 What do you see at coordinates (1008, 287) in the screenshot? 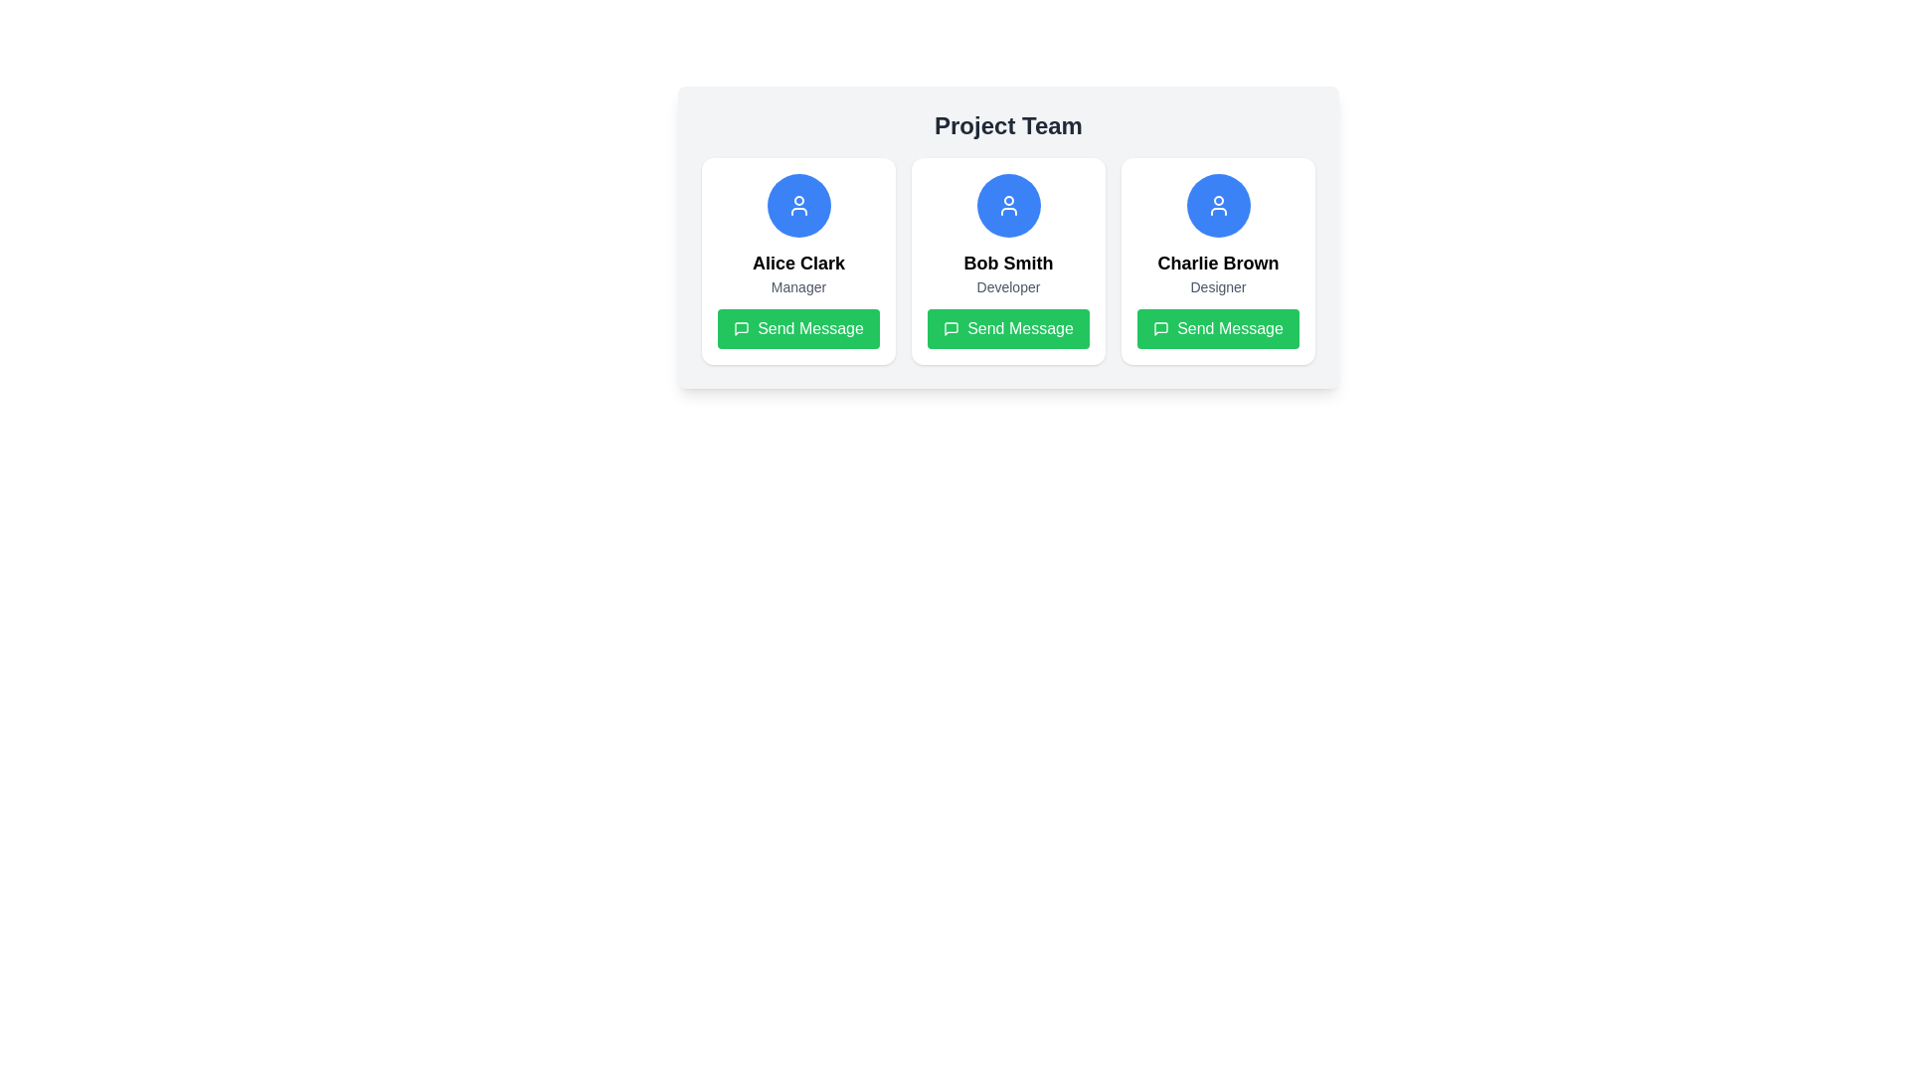
I see `the text label indicating the role 'Developer' located below the name 'Bob Smith' in the center card of the team members list` at bounding box center [1008, 287].